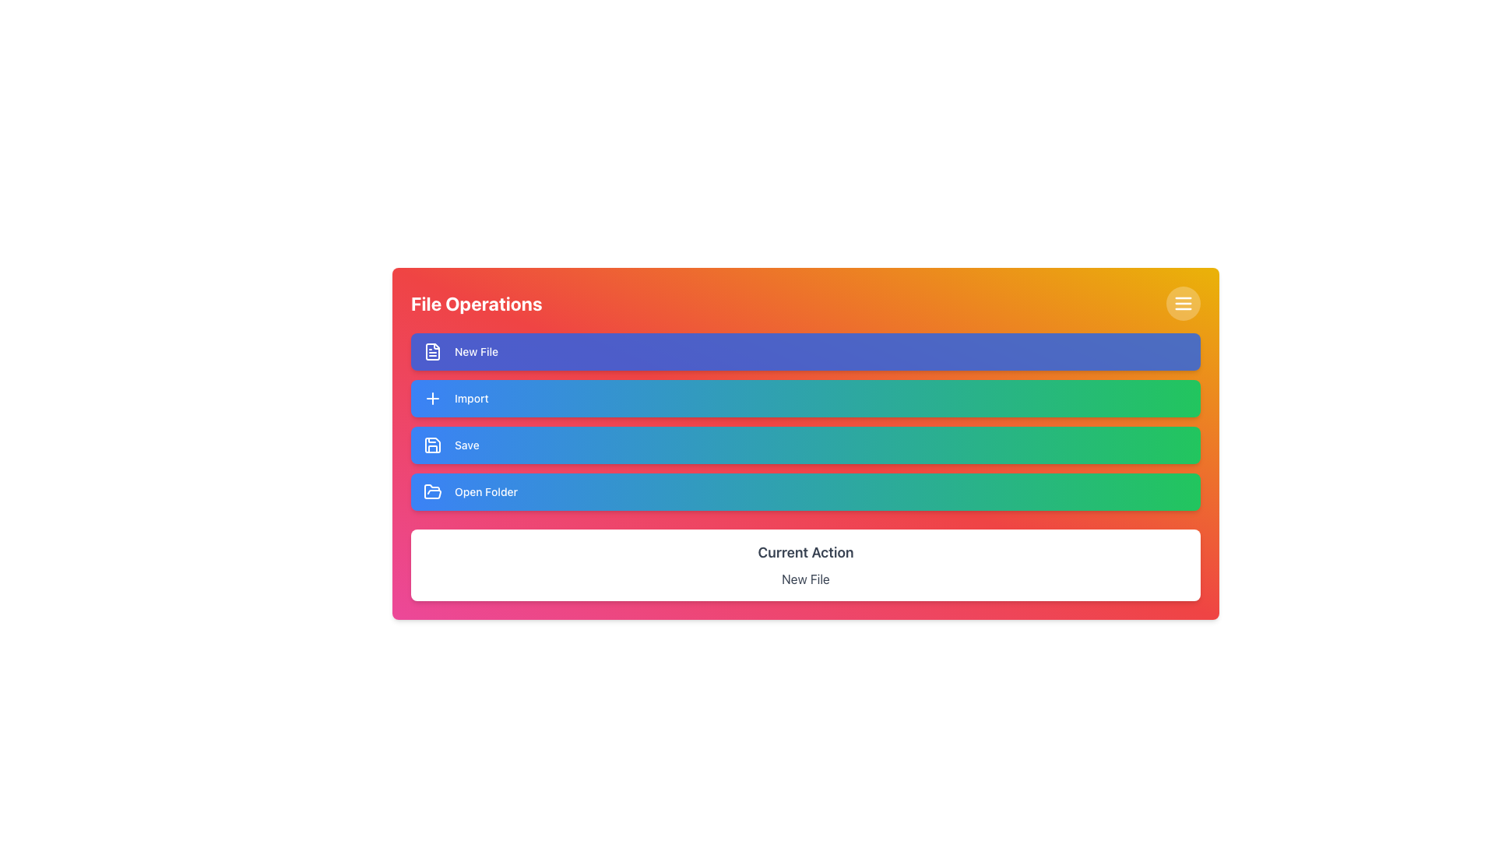 The height and width of the screenshot is (841, 1495). Describe the element at coordinates (806, 579) in the screenshot. I see `the static text label 'New File' which is located below the bolded text 'Current Action' in the 'File Operations' panel` at that location.